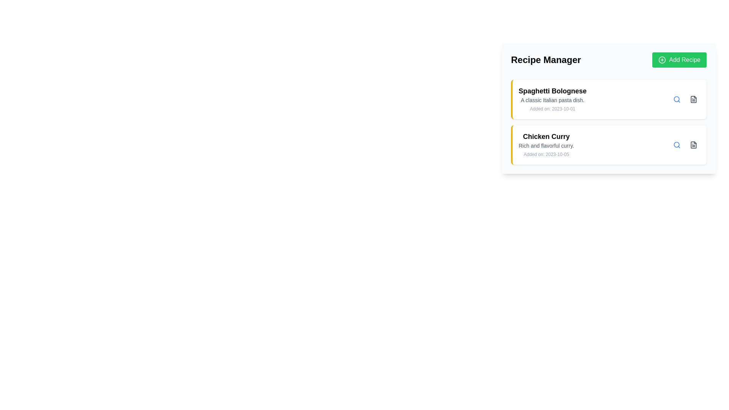 Image resolution: width=729 pixels, height=410 pixels. Describe the element at coordinates (679, 60) in the screenshot. I see `the 'Add New Recipe' button located in the upper-right corner of the 'Recipe Manager' section to potentially see hover effects` at that location.